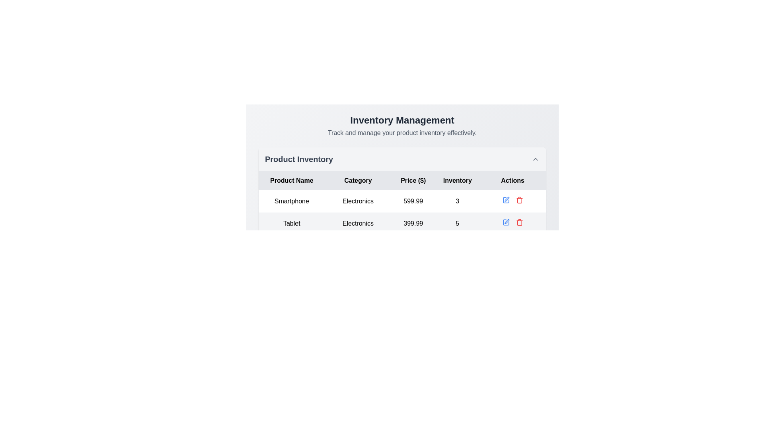 This screenshot has width=764, height=429. What do you see at coordinates (291, 181) in the screenshot?
I see `the 'Product Name' header label located at the far left of the header row in the table layout` at bounding box center [291, 181].